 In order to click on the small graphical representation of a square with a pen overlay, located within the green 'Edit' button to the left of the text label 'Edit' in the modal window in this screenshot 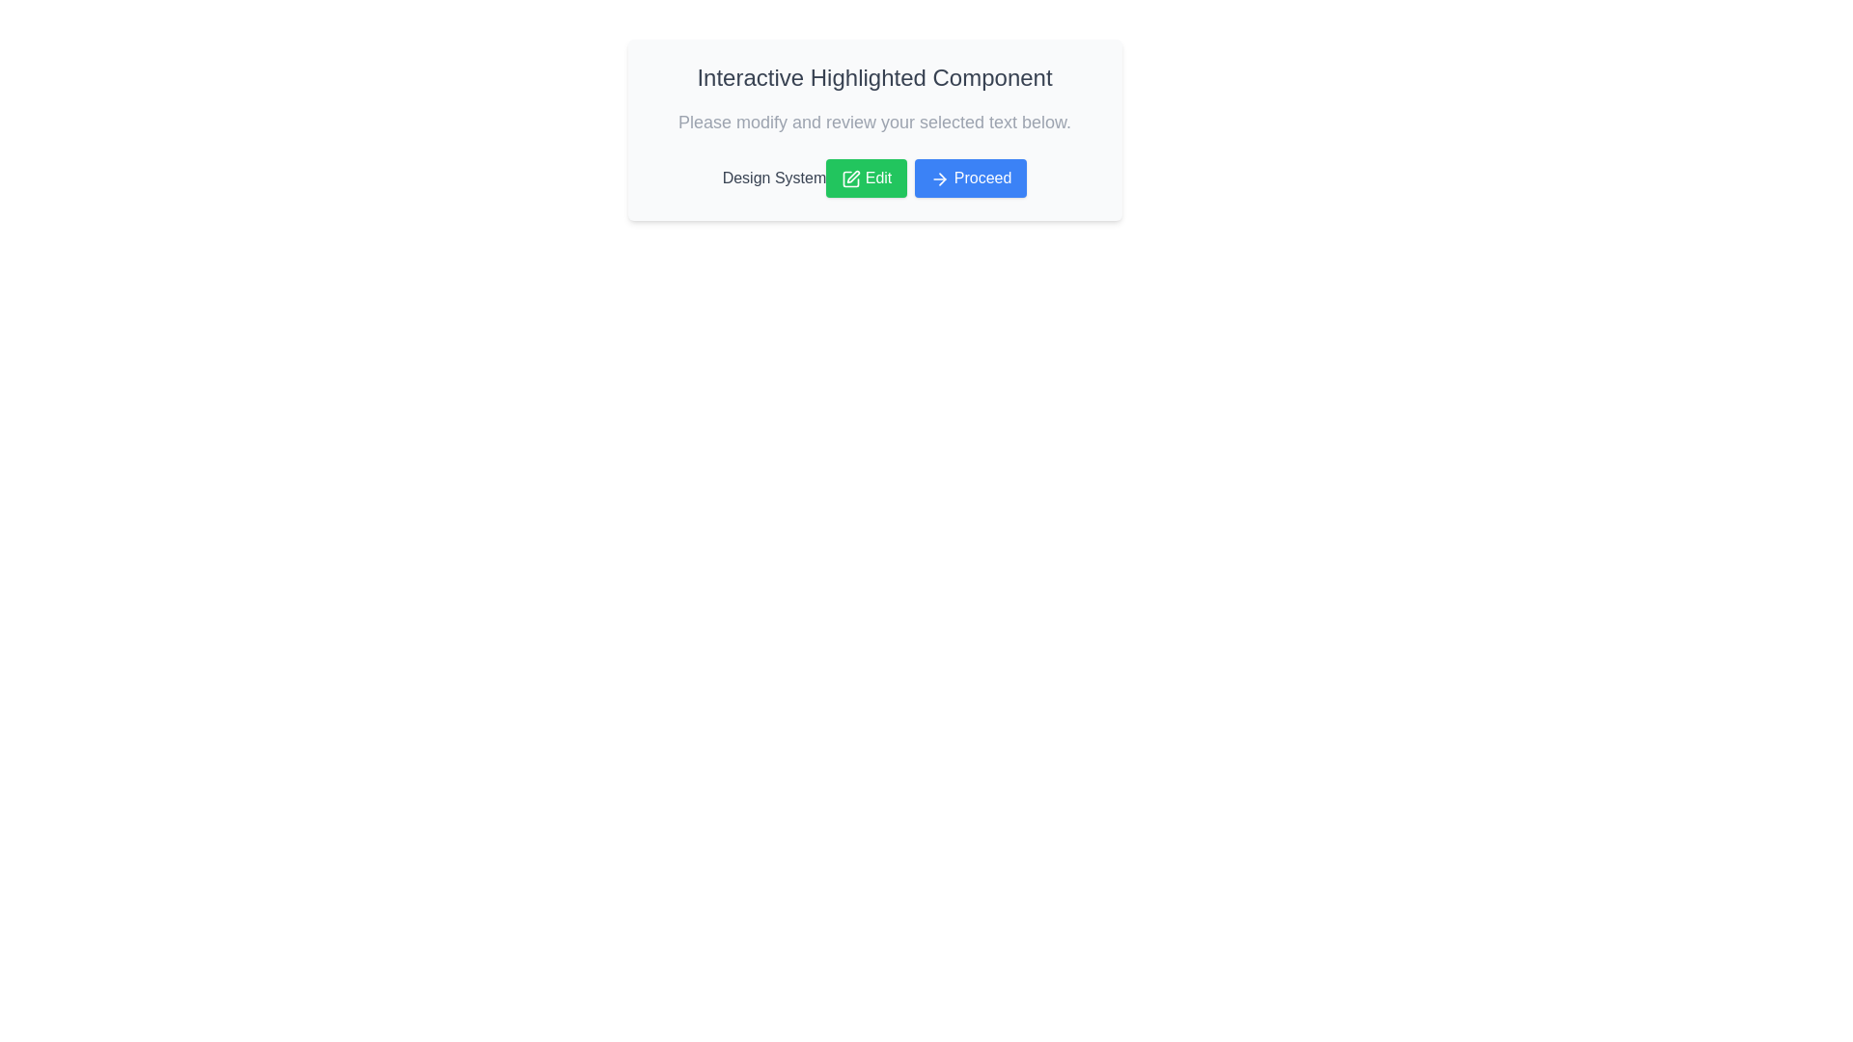, I will do `click(850, 178)`.